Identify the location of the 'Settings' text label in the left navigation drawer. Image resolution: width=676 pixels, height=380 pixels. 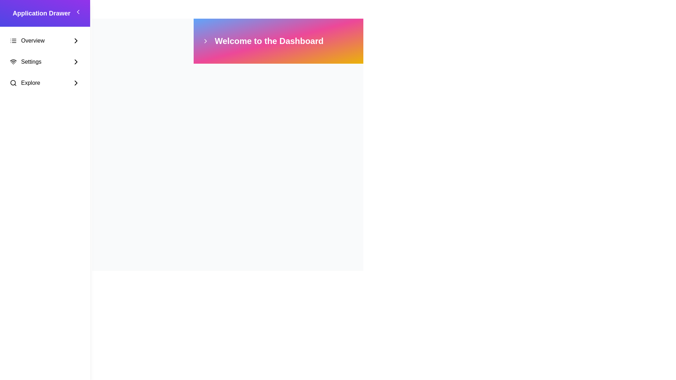
(31, 62).